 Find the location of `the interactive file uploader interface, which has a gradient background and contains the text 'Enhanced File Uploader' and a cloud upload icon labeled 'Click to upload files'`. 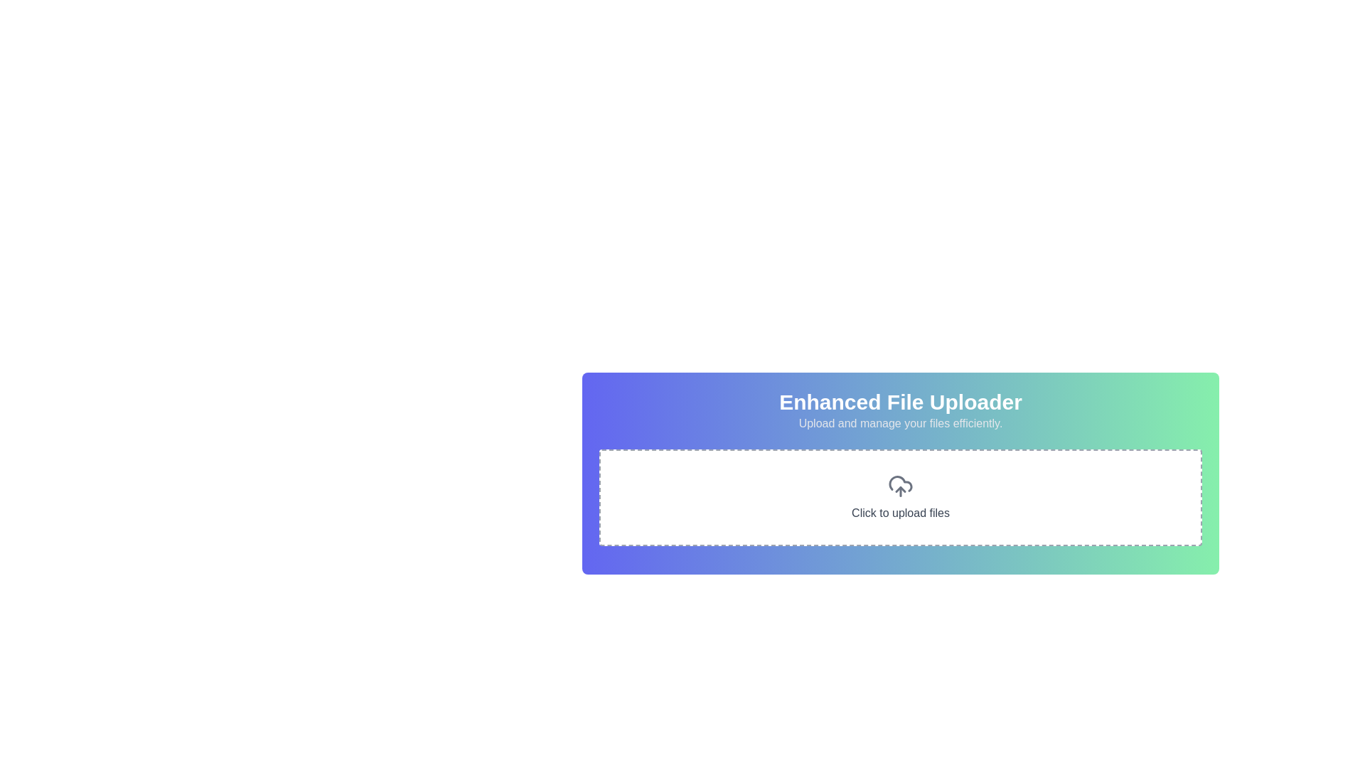

the interactive file uploader interface, which has a gradient background and contains the text 'Enhanced File Uploader' and a cloud upload icon labeled 'Click to upload files' is located at coordinates (900, 474).